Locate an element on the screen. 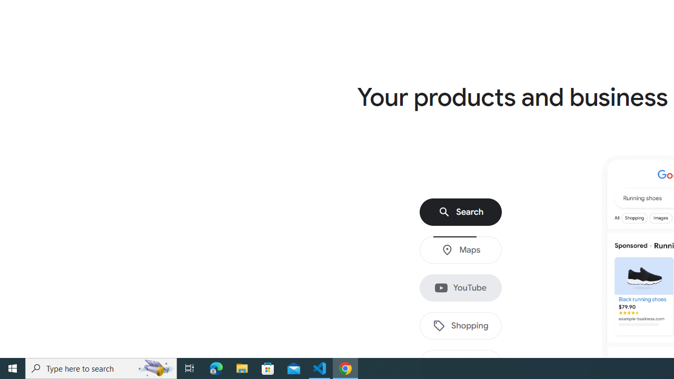 The width and height of the screenshot is (674, 379). 'YouTube' is located at coordinates (461, 288).